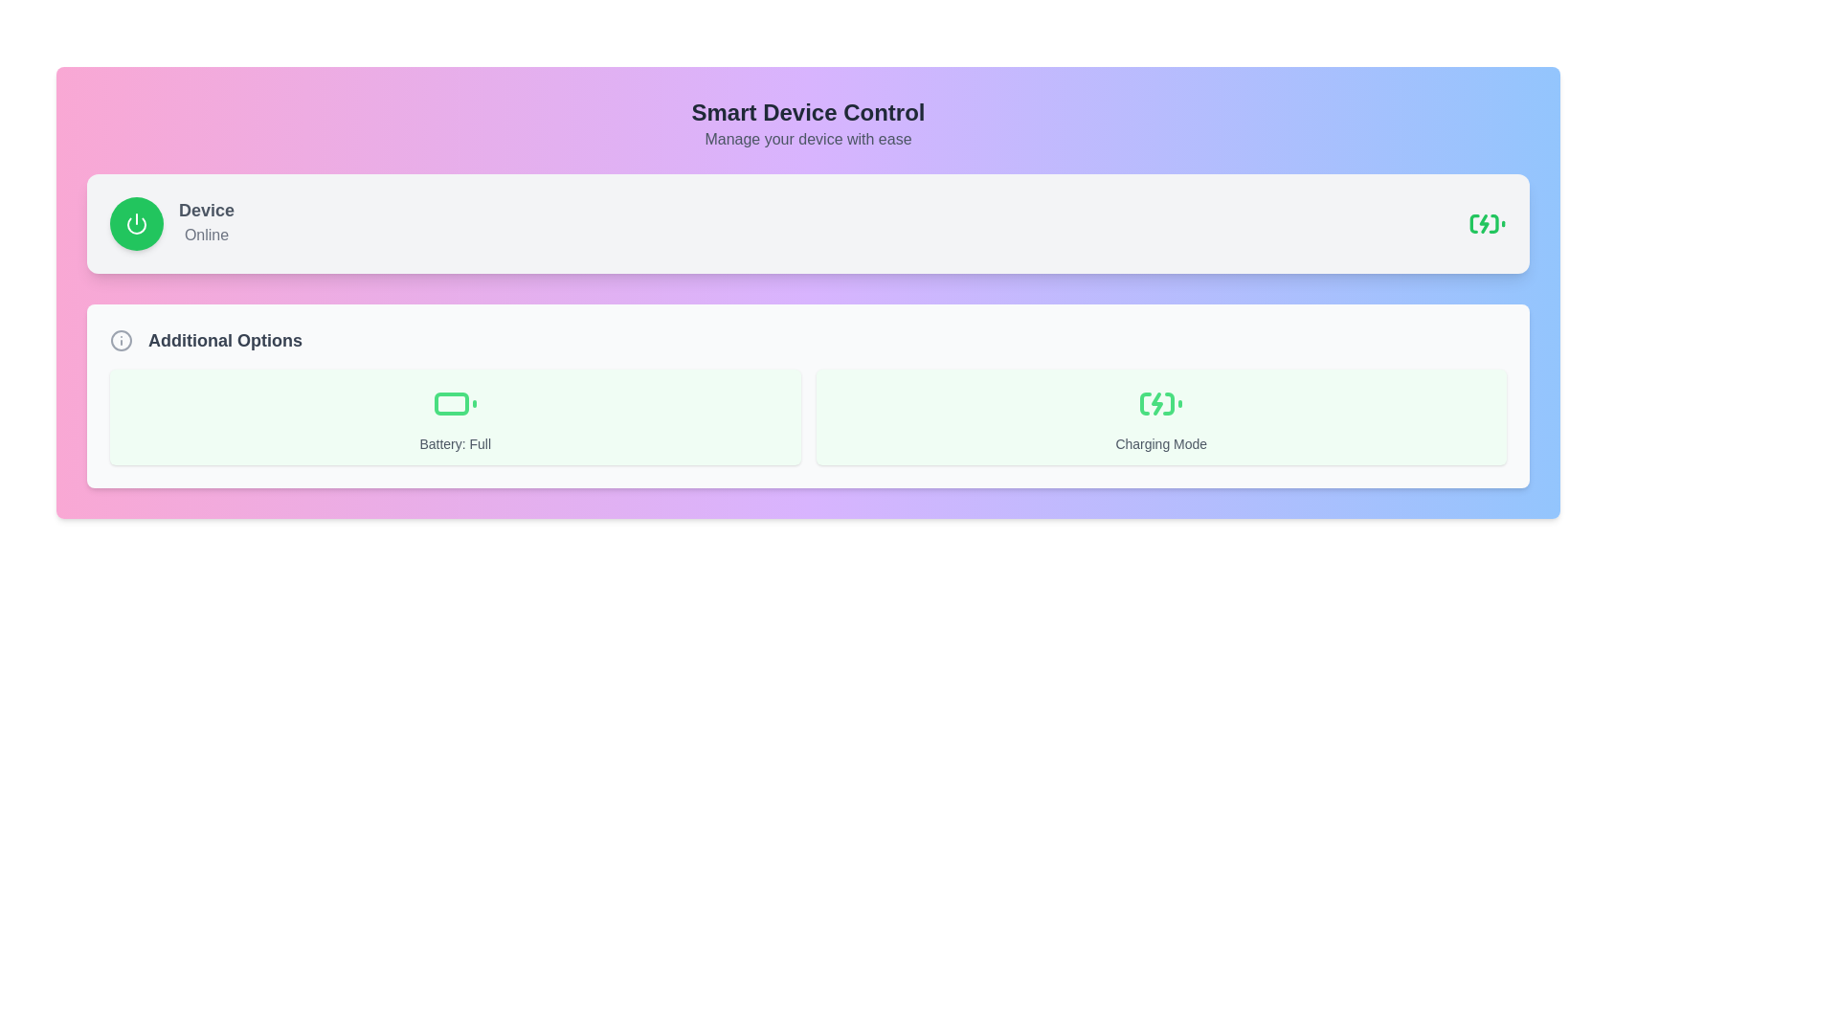  I want to click on the text label that displays 'Device' in large, bold, dark gray font and 'Online' in smaller, light gray font, located to the right of the circular green power button, so click(207, 223).